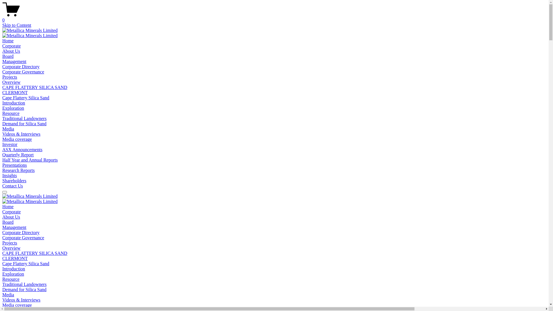  Describe the element at coordinates (2, 212) in the screenshot. I see `'Corporate'` at that location.